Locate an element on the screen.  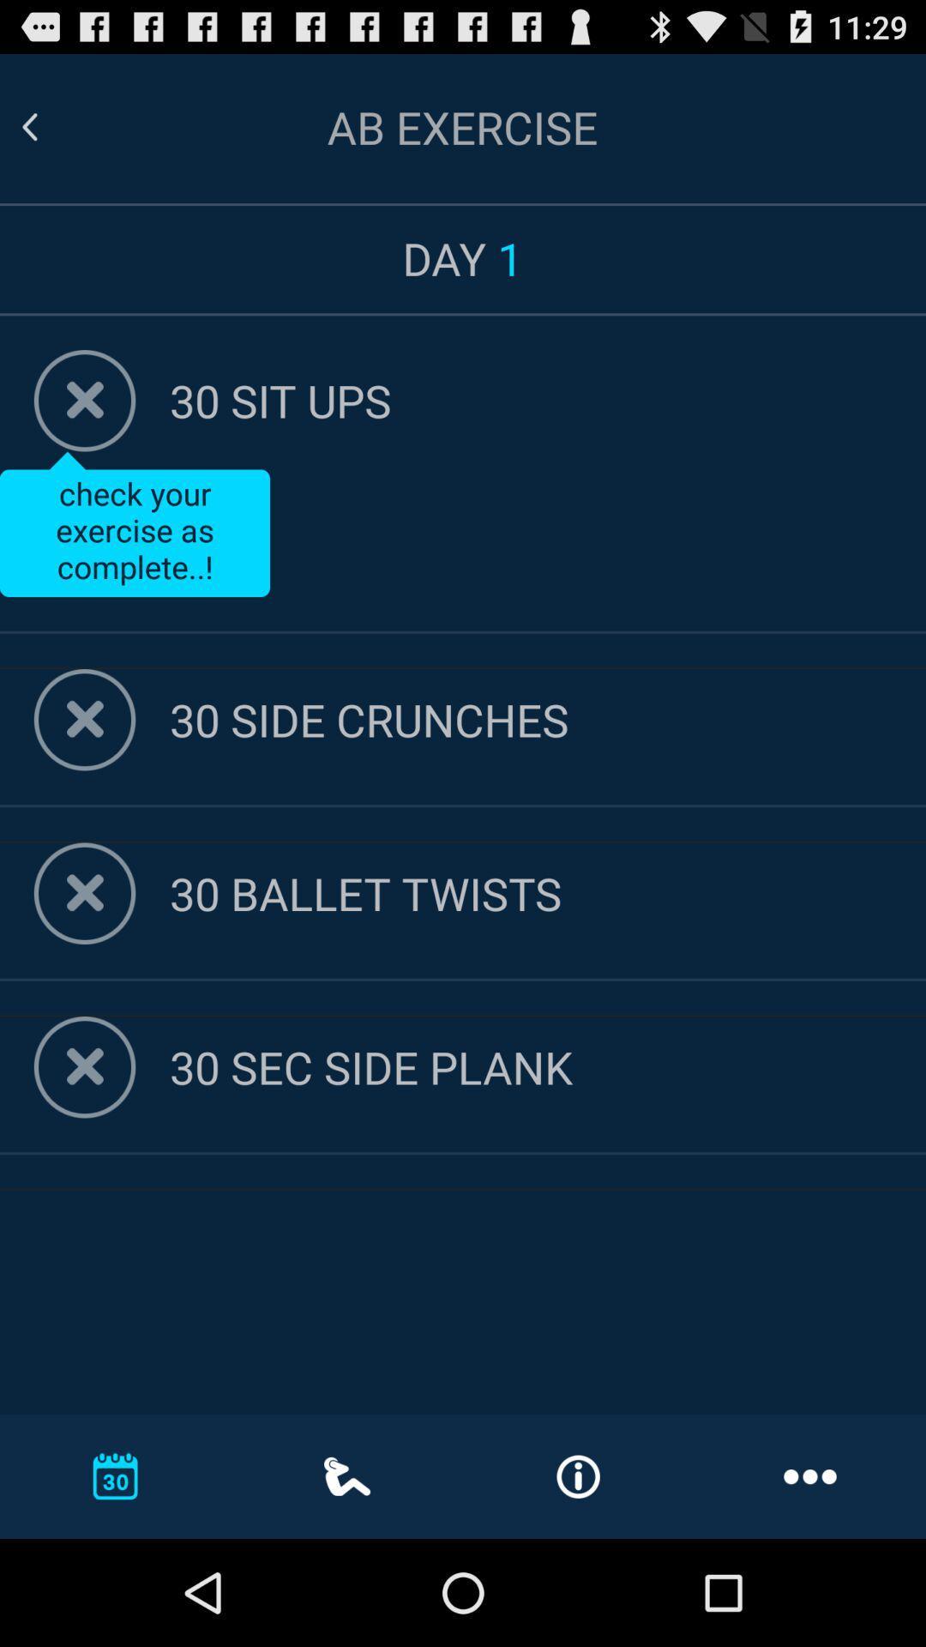
go back is located at coordinates (85, 892).